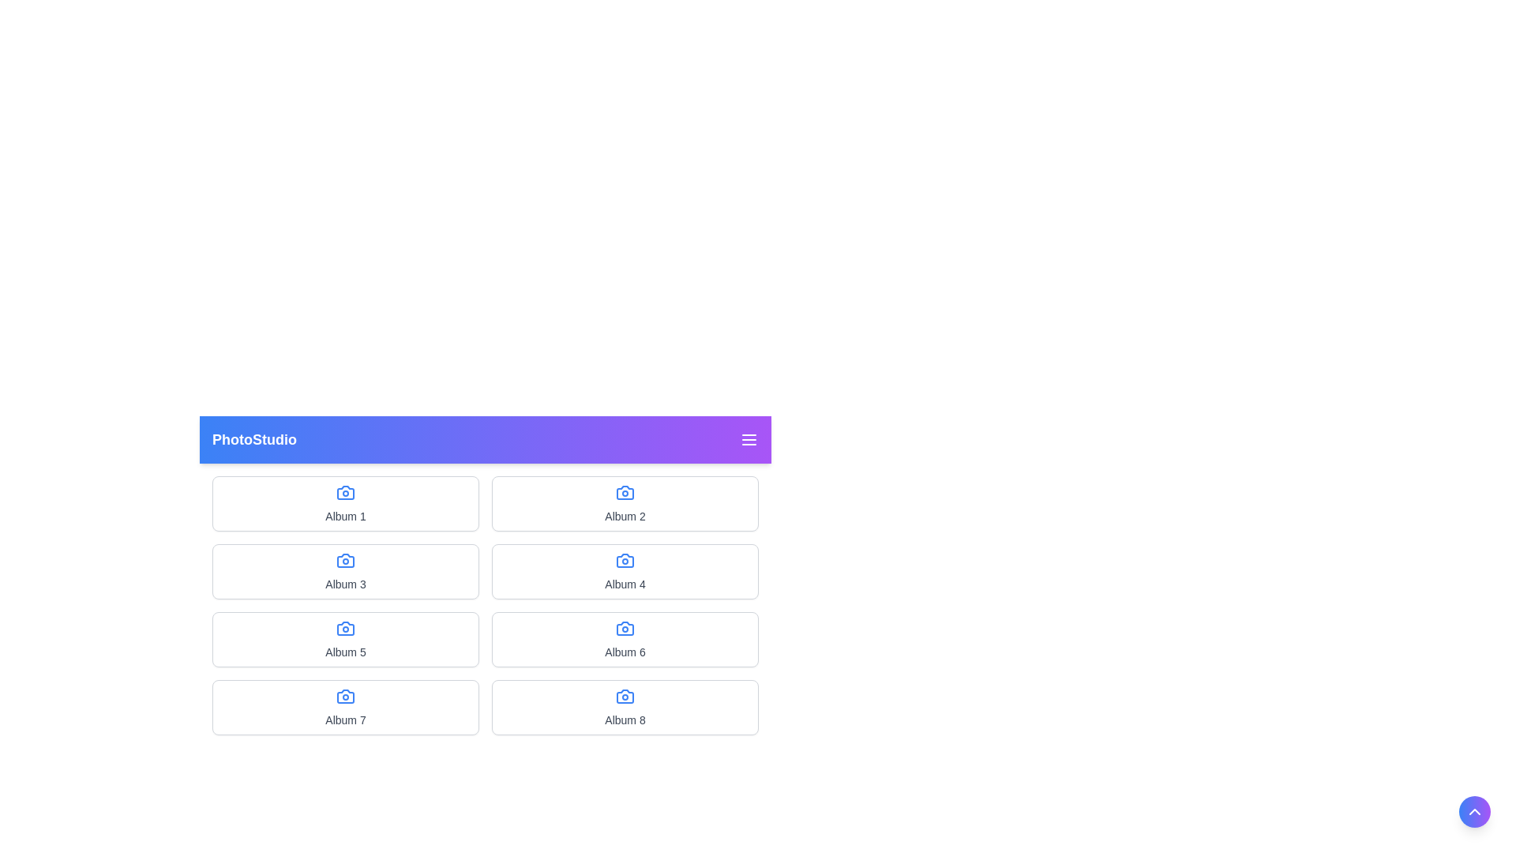 The height and width of the screenshot is (853, 1516). I want to click on the album tile labeled 'Album 6' in the photo management interface, so click(625, 640).